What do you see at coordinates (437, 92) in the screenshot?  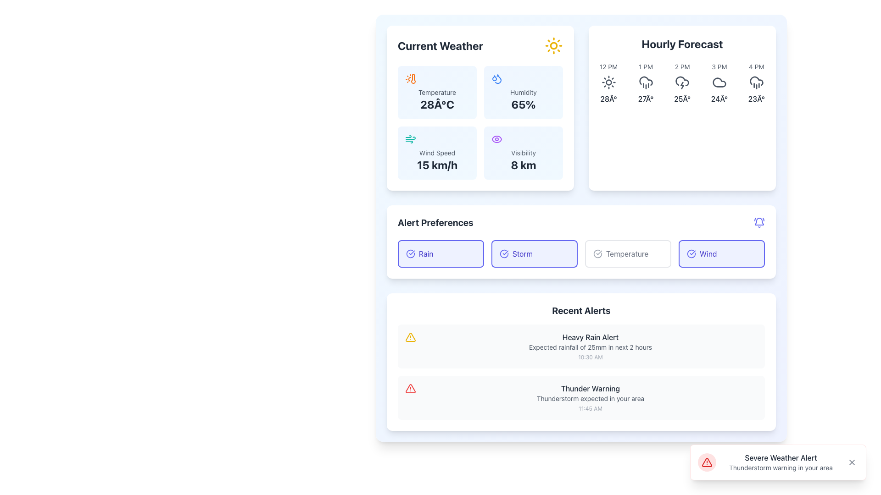 I see `the Information card displaying the current temperature, which is the first item in a 2x2 grid under the 'Current Weather' section` at bounding box center [437, 92].